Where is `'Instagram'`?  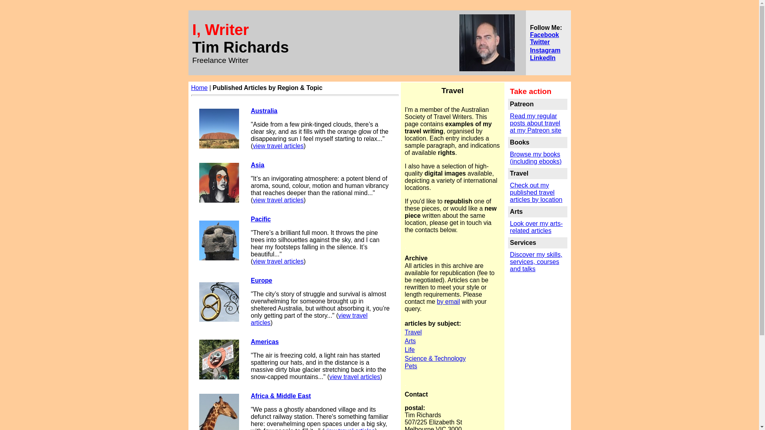
'Instagram' is located at coordinates (545, 50).